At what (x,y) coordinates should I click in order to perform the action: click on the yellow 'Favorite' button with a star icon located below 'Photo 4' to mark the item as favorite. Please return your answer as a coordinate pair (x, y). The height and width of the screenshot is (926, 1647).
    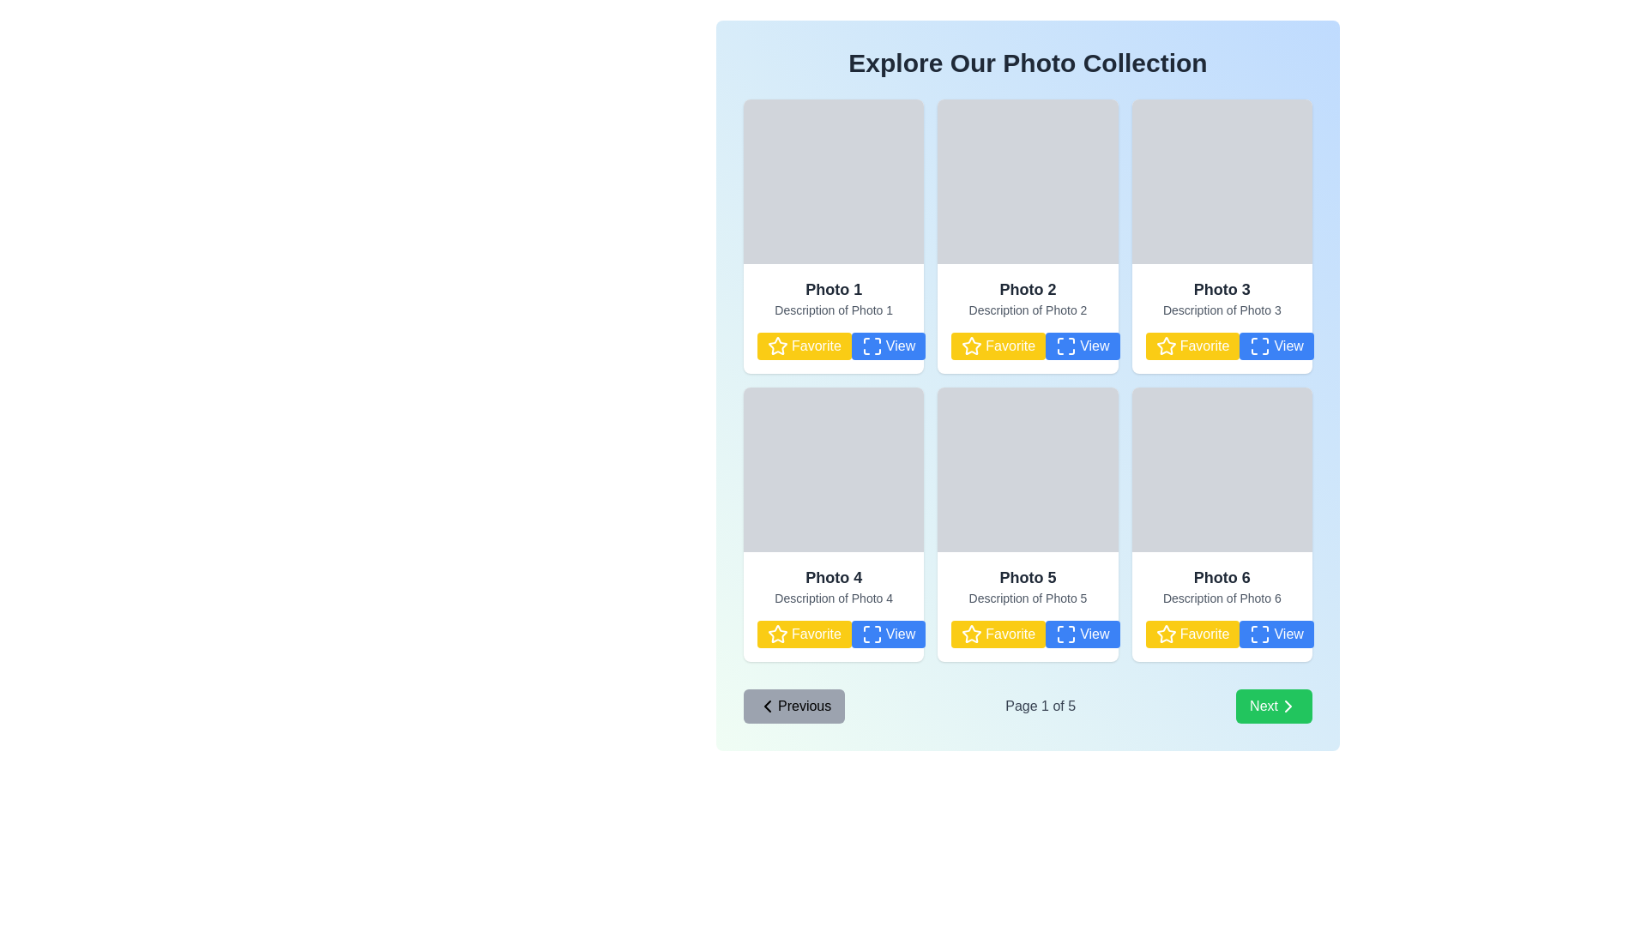
    Looking at the image, I should click on (834, 634).